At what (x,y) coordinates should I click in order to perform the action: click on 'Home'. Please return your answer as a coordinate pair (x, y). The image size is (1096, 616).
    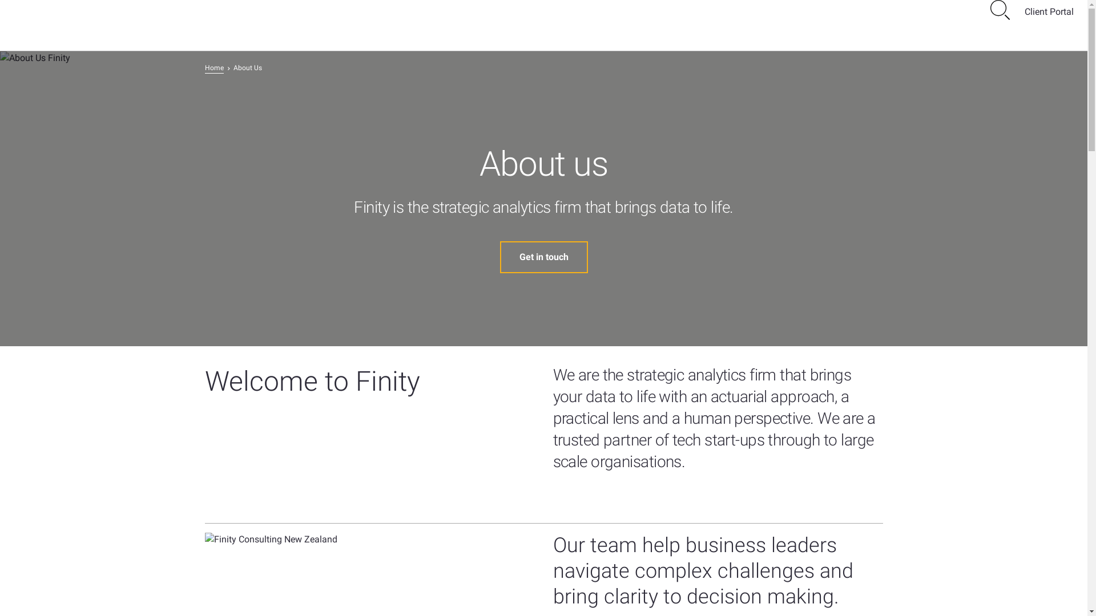
    Looking at the image, I should click on (213, 68).